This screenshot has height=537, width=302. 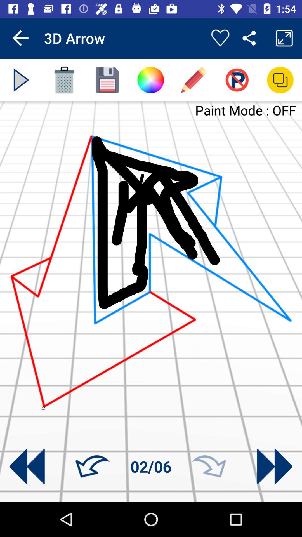 What do you see at coordinates (280, 80) in the screenshot?
I see `new layer` at bounding box center [280, 80].